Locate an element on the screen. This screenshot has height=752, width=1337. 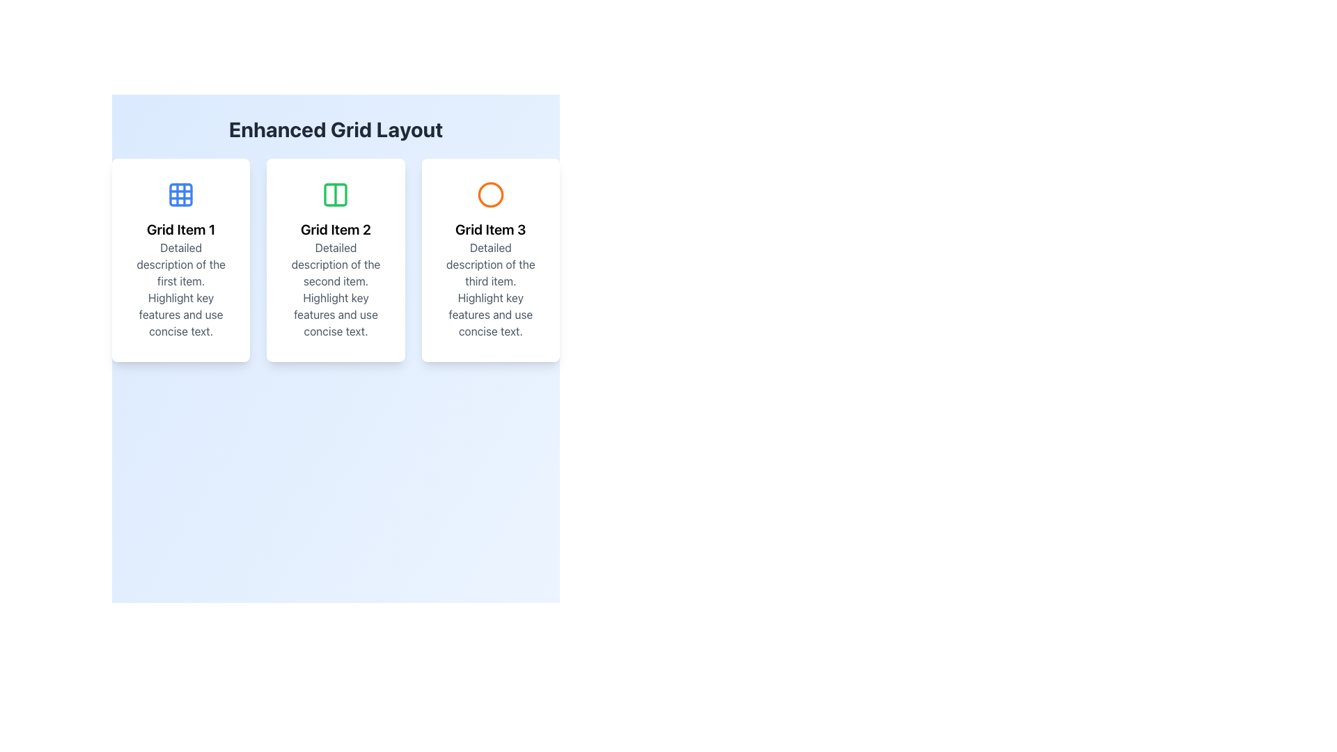
the main title text label that displays 'Enhanced Grid Layout', which serves as an informational element at the top of the interface is located at coordinates (336, 129).